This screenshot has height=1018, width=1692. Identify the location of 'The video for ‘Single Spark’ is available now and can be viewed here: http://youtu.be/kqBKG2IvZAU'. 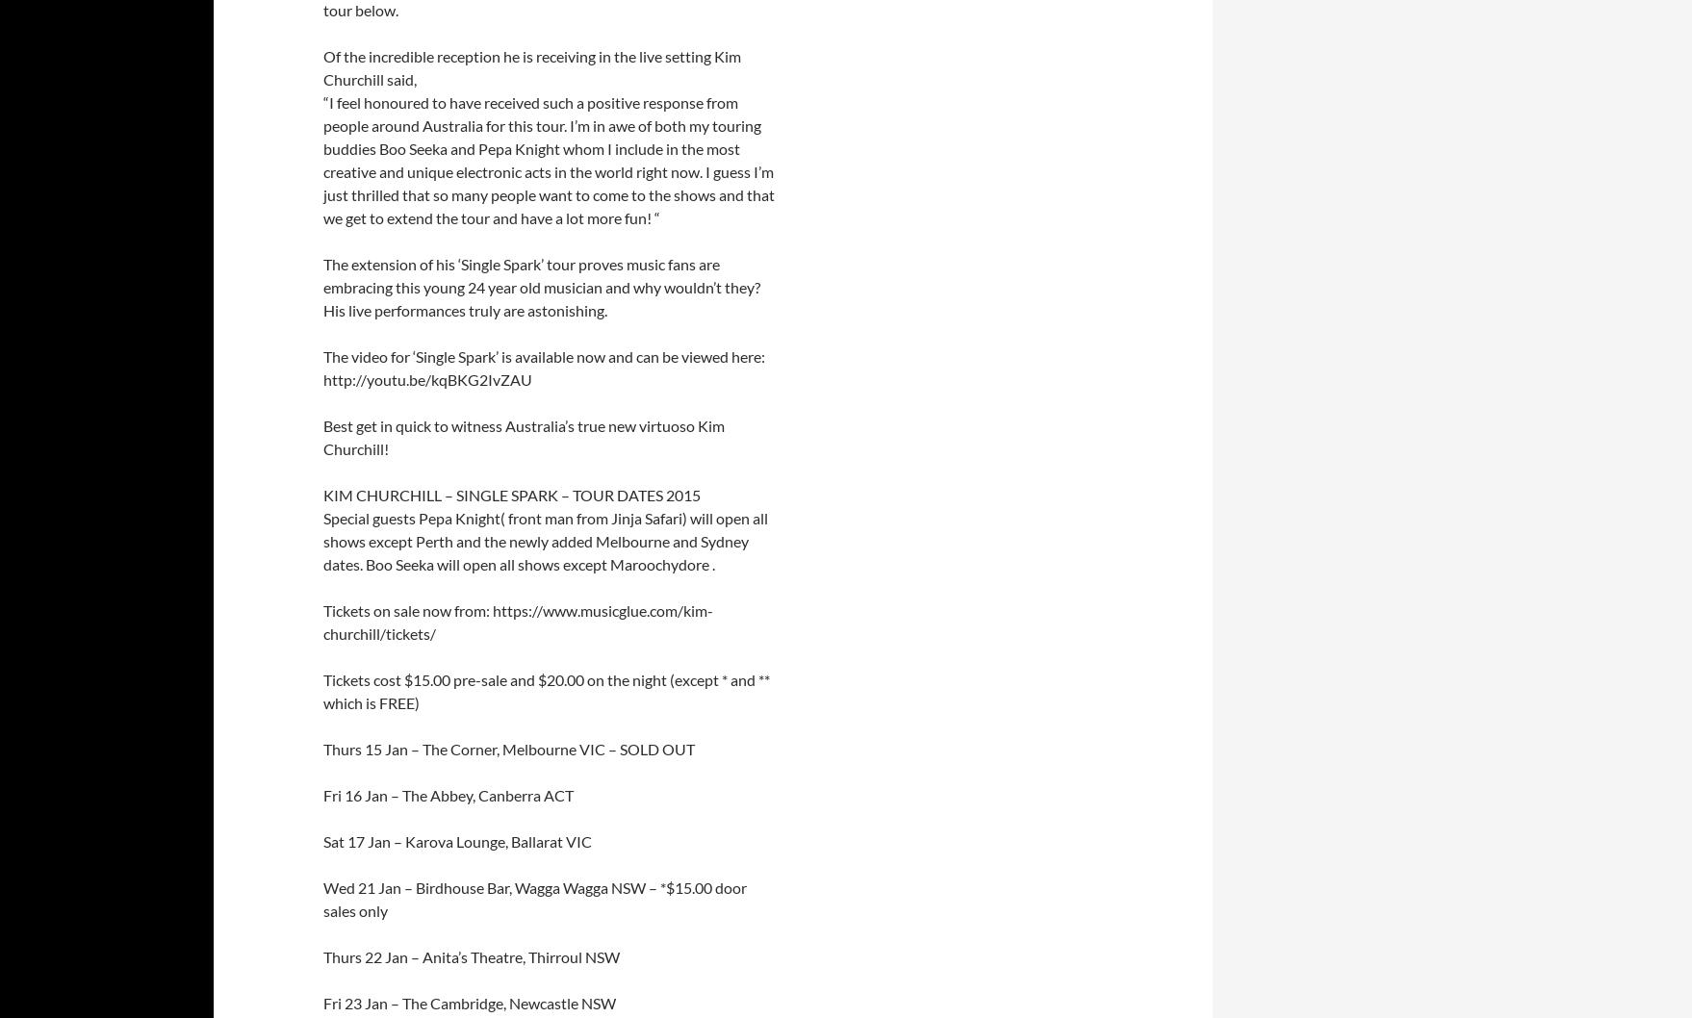
(322, 368).